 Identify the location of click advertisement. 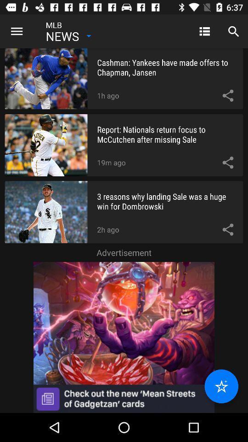
(124, 337).